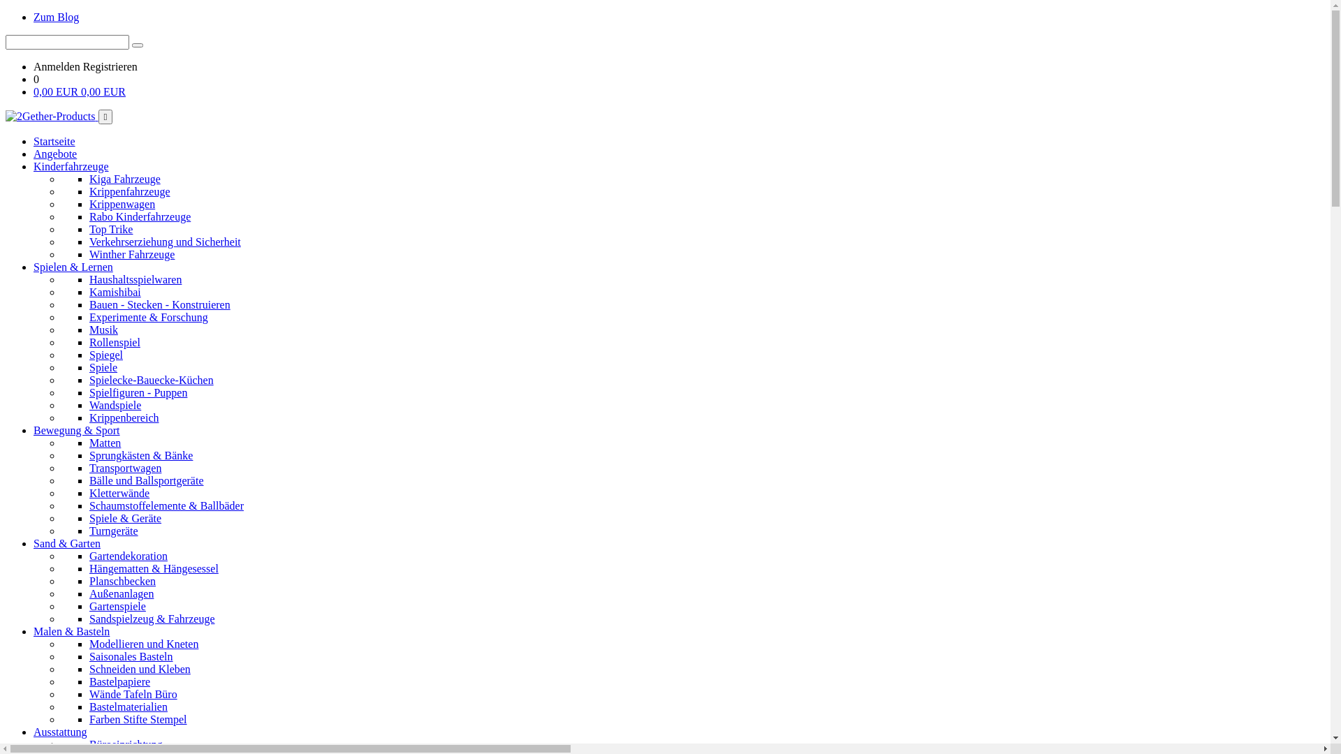 The width and height of the screenshot is (1341, 754). What do you see at coordinates (54, 141) in the screenshot?
I see `'Startseite'` at bounding box center [54, 141].